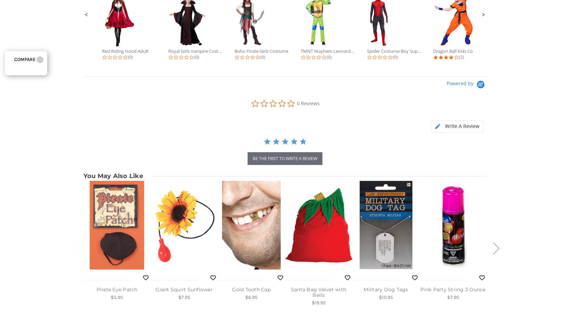 This screenshot has width=570, height=323. I want to click on '0 Reviews', so click(308, 103).